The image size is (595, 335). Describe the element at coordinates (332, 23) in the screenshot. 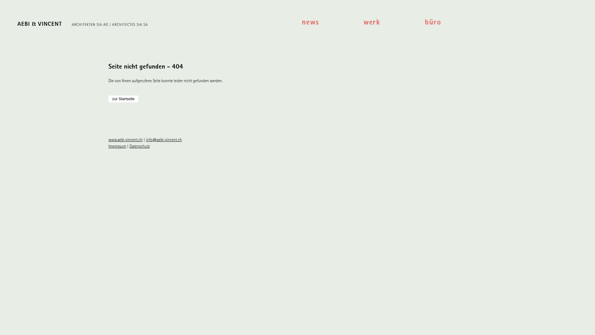

I see `'news'` at that location.